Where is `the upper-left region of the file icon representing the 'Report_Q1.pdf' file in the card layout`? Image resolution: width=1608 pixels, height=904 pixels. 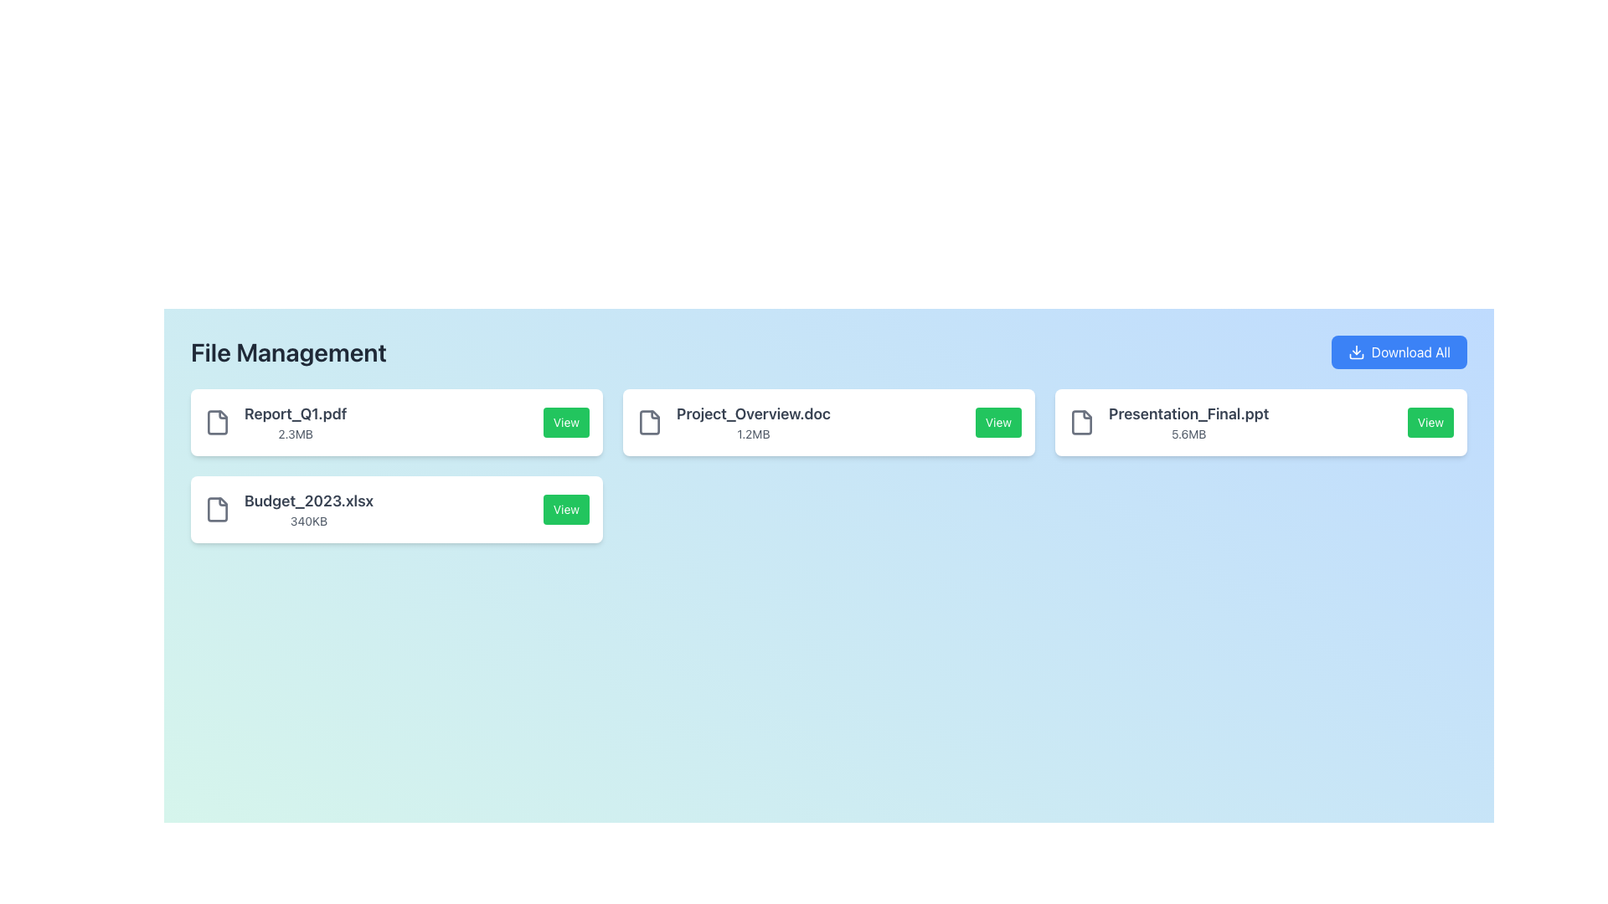 the upper-left region of the file icon representing the 'Report_Q1.pdf' file in the card layout is located at coordinates (216, 422).